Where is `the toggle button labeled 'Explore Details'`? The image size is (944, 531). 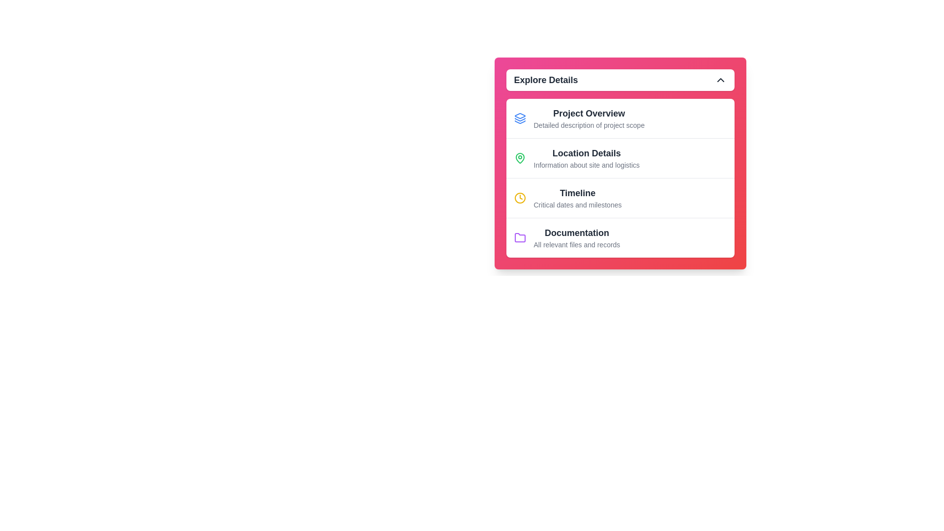
the toggle button labeled 'Explore Details' is located at coordinates (619, 79).